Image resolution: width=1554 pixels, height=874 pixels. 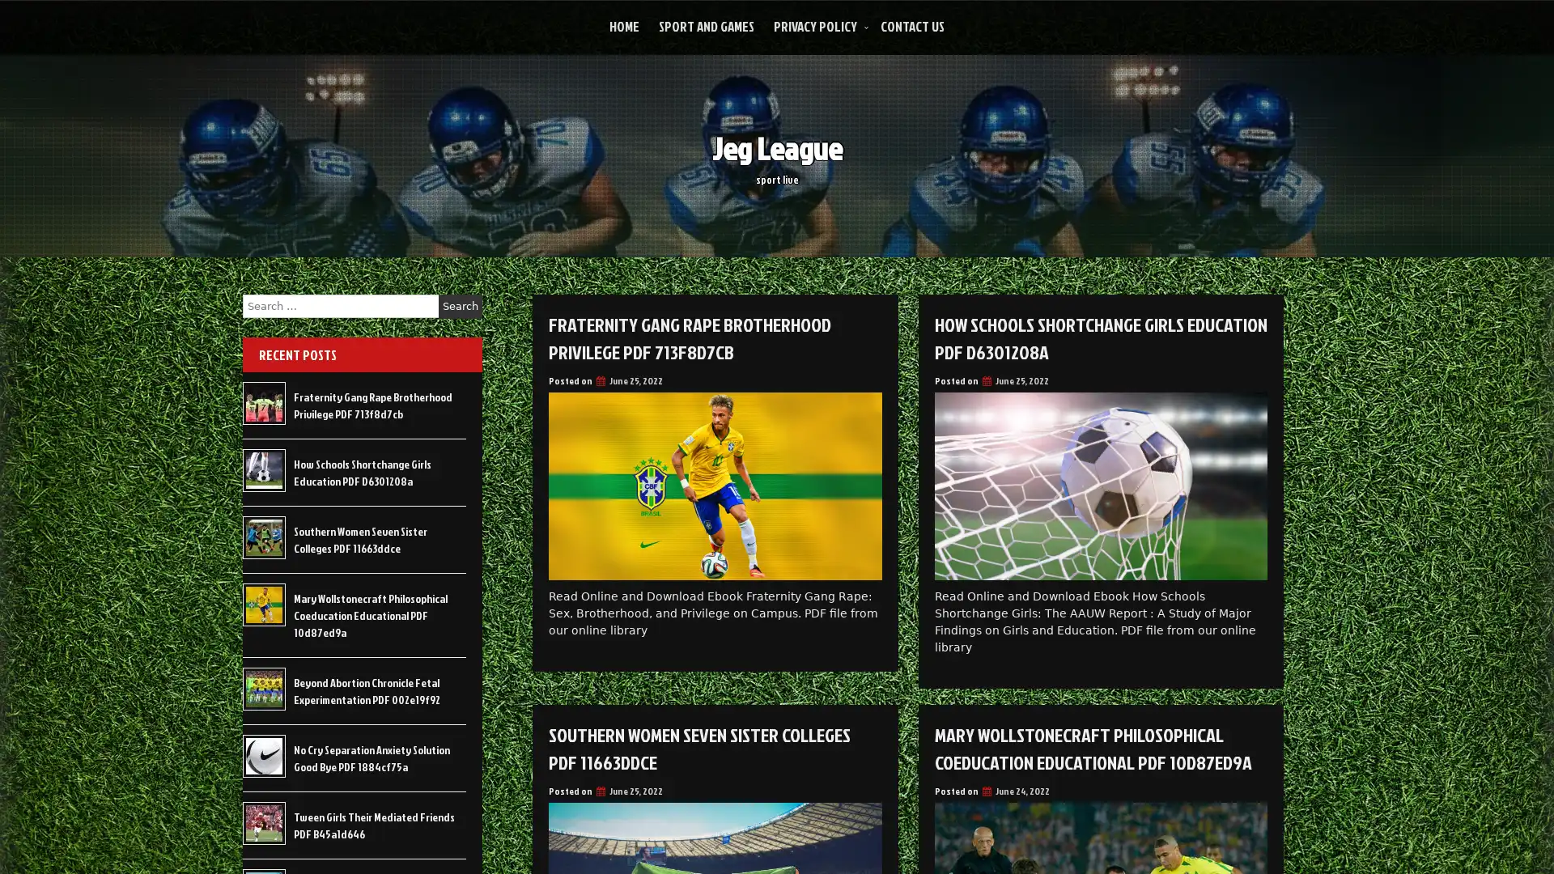 I want to click on Search, so click(x=460, y=306).